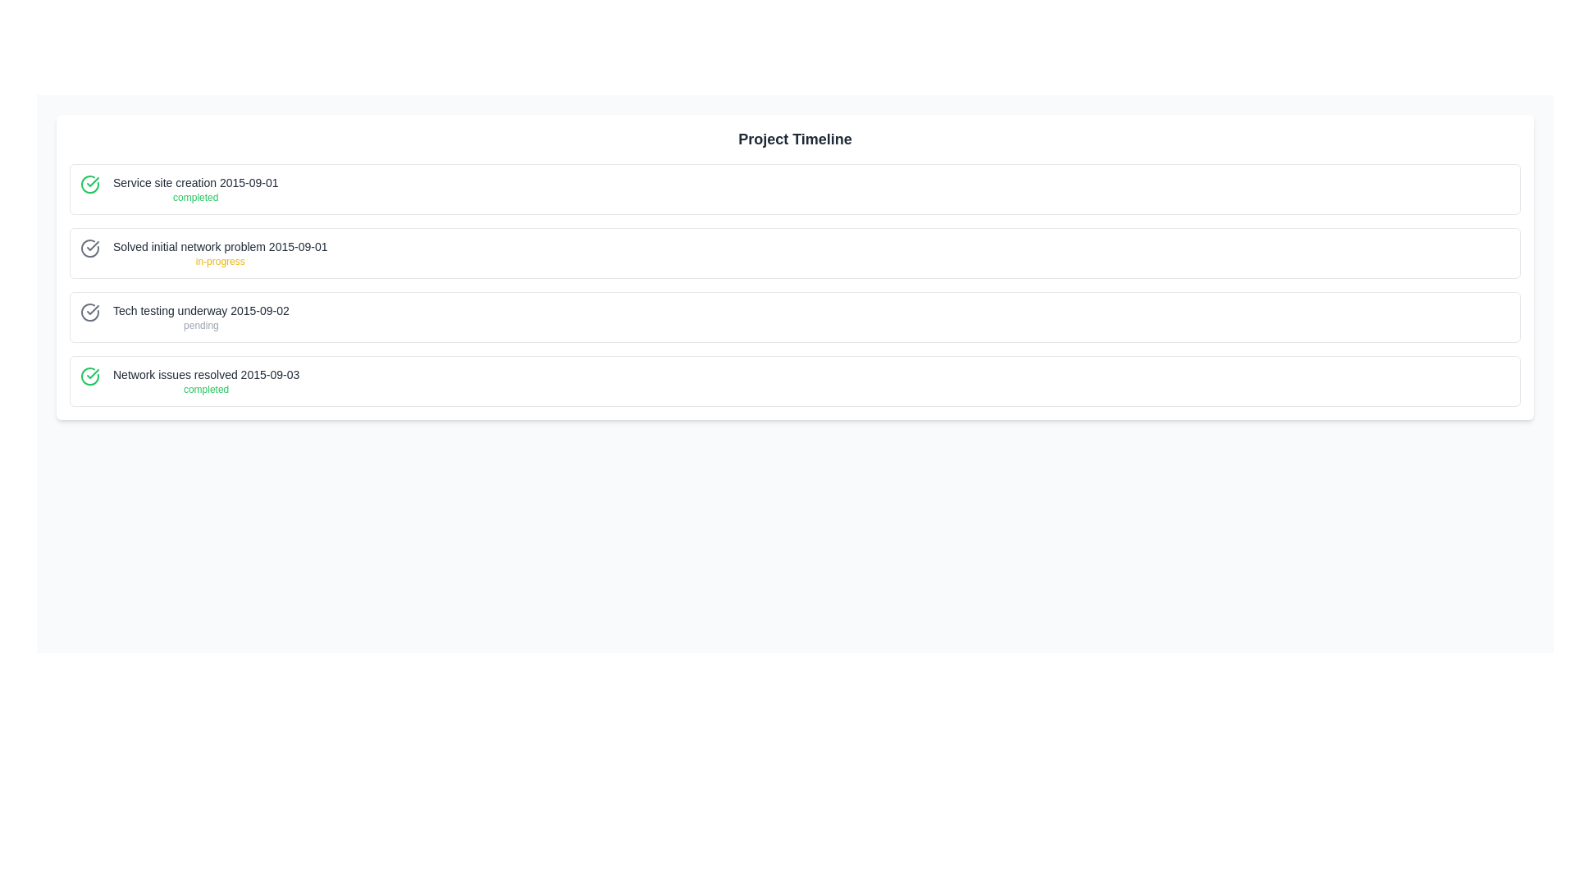 The width and height of the screenshot is (1575, 886). What do you see at coordinates (89, 184) in the screenshot?
I see `the circular green checkmark icon indicating successful completion for the 'Service site creation 2015-09-01 completed' row` at bounding box center [89, 184].